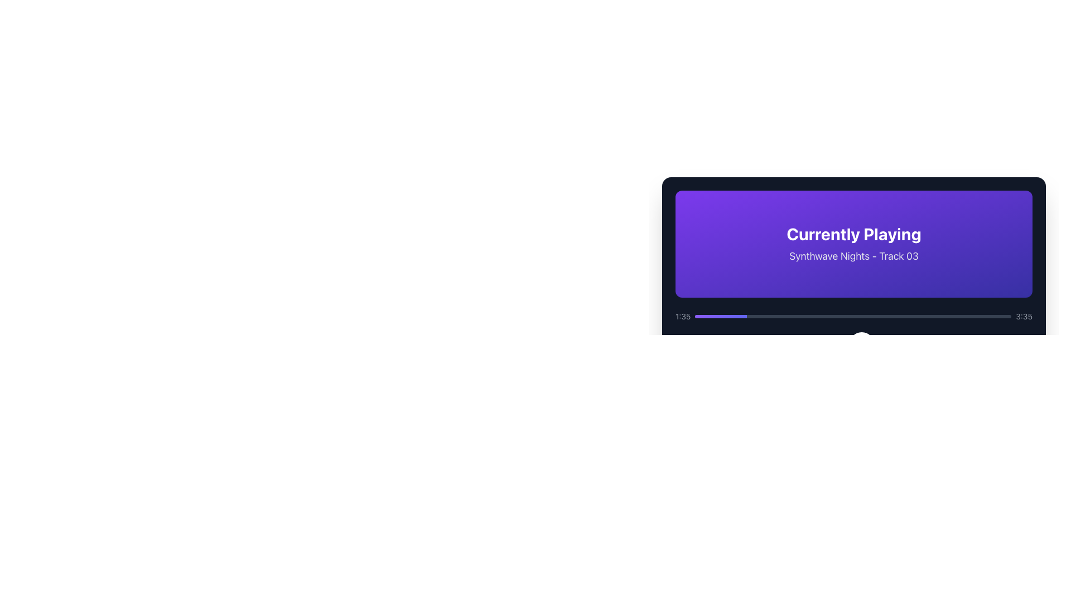 The height and width of the screenshot is (602, 1071). What do you see at coordinates (715, 316) in the screenshot?
I see `the playback position` at bounding box center [715, 316].